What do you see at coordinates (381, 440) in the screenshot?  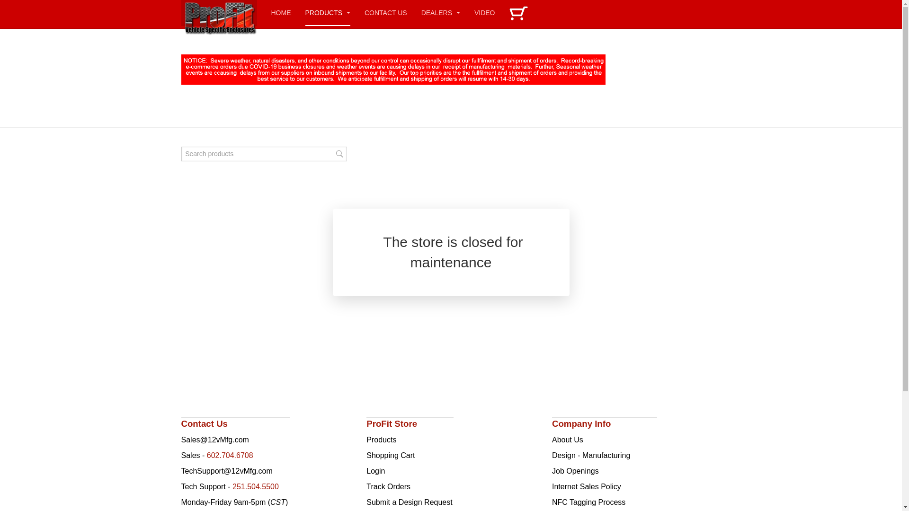 I see `'Products'` at bounding box center [381, 440].